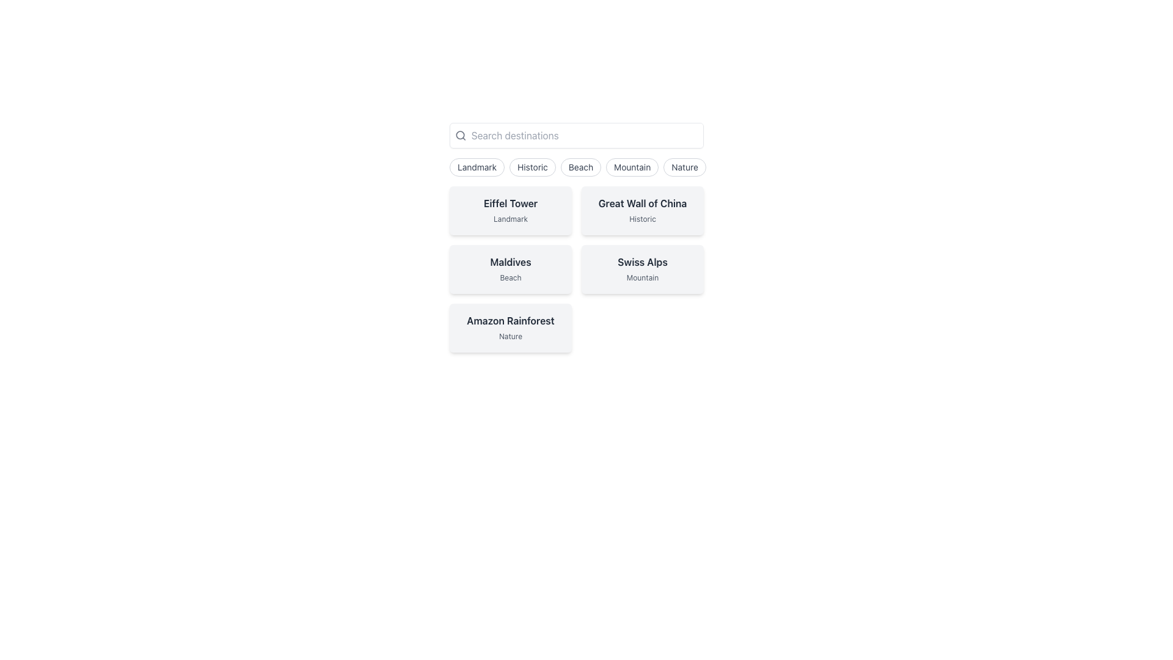 The height and width of the screenshot is (660, 1173). Describe the element at coordinates (477, 167) in the screenshot. I see `the 'Landmark' category selector button, which is the first button in a horizontal row of category buttons near the top of the interface` at that location.